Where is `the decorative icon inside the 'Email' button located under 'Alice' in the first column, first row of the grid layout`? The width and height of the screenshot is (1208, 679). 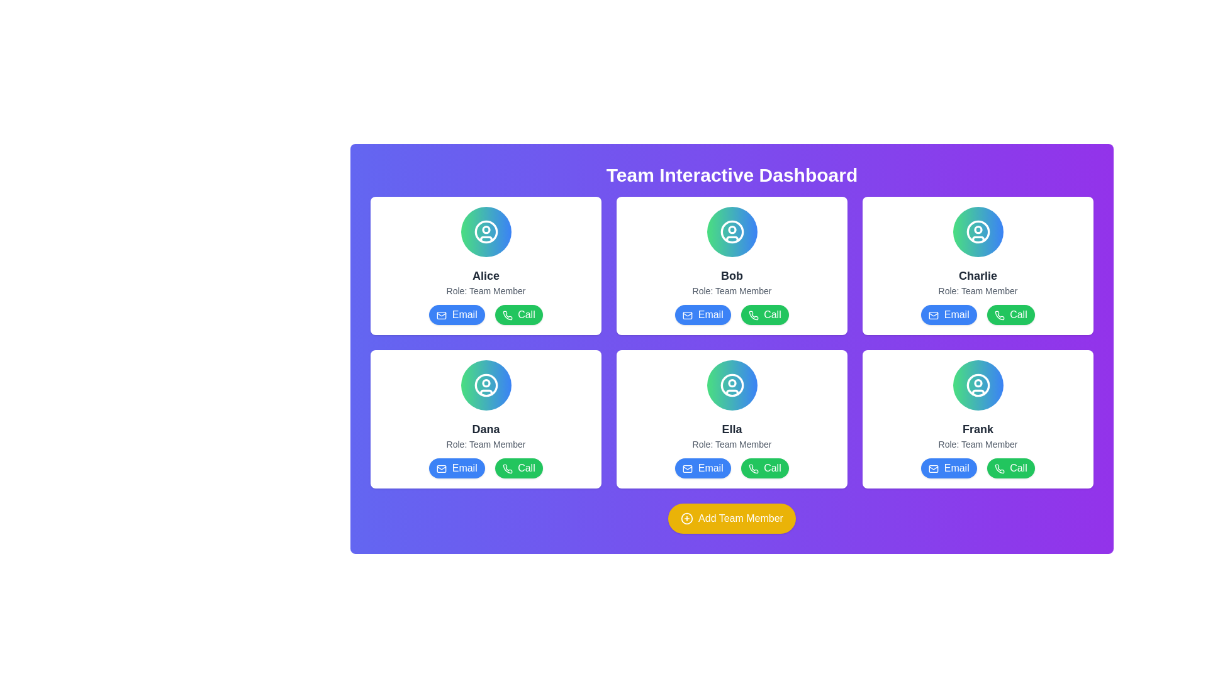
the decorative icon inside the 'Email' button located under 'Alice' in the first column, first row of the grid layout is located at coordinates (442, 314).